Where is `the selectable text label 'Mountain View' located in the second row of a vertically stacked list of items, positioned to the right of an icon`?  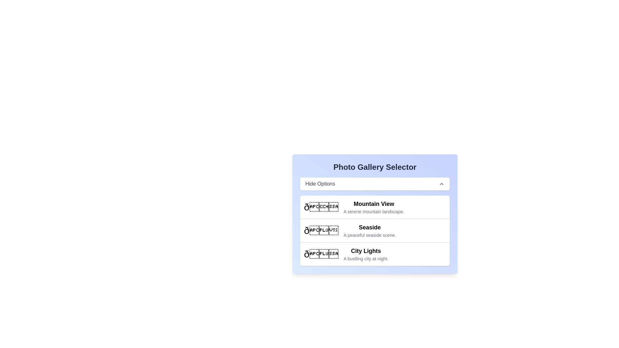 the selectable text label 'Mountain View' located in the second row of a vertically stacked list of items, positioned to the right of an icon is located at coordinates (374, 207).